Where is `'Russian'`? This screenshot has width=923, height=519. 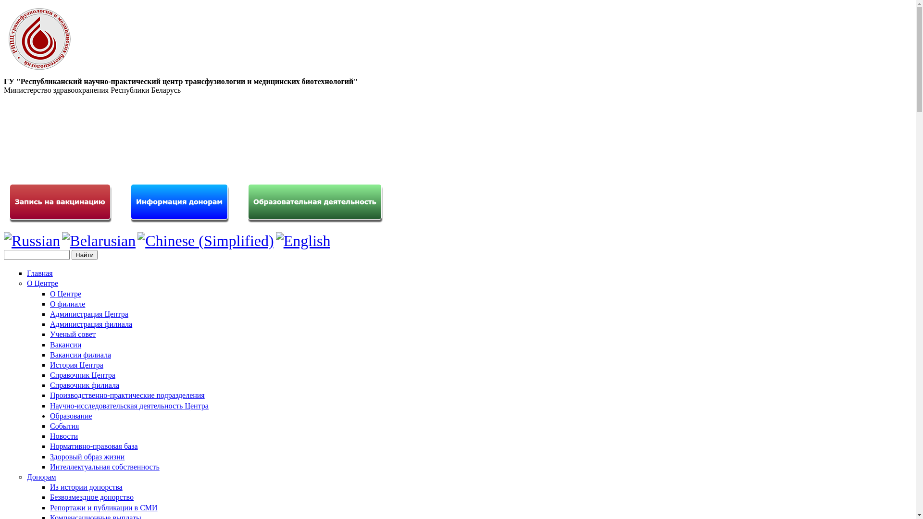 'Russian' is located at coordinates (4, 240).